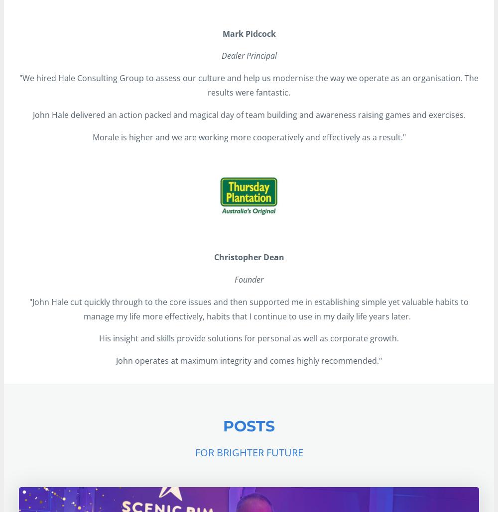 This screenshot has width=498, height=512. What do you see at coordinates (246, 360) in the screenshot?
I see `'John operates at maximum integrity and comes highly recommended'` at bounding box center [246, 360].